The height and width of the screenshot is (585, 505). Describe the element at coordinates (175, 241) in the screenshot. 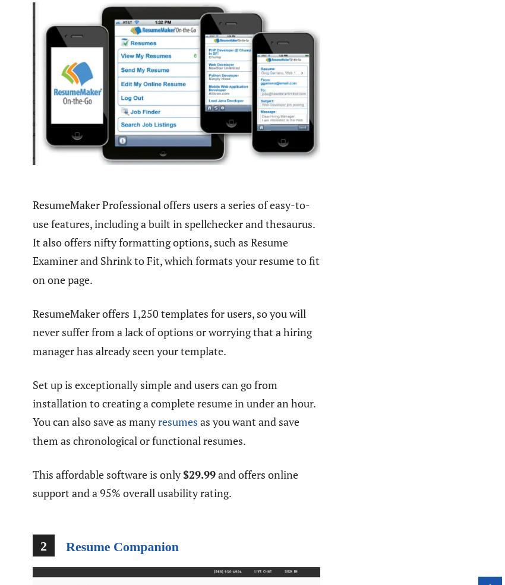

I see `'ResumeMaker Professional offers users a series of easy-to-use features, including a built in spellchecker and thesaurus. It also offers nifty formatting options, such as Resume Examiner and Shrink to Fit, which formats your resume to fit on one page.'` at that location.